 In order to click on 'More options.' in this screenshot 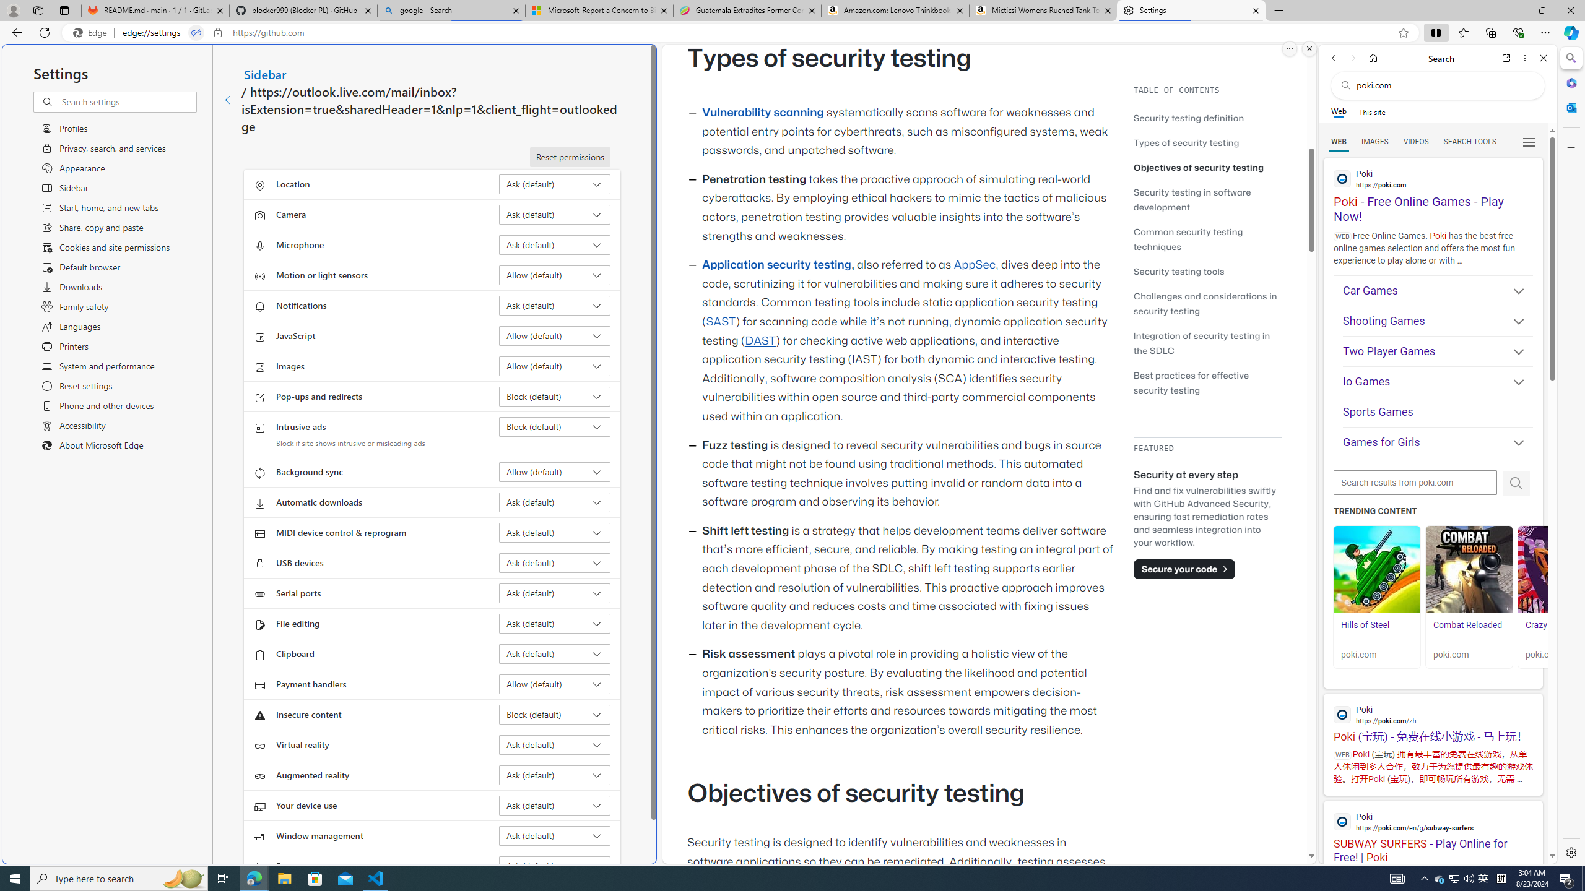, I will do `click(1289, 48)`.